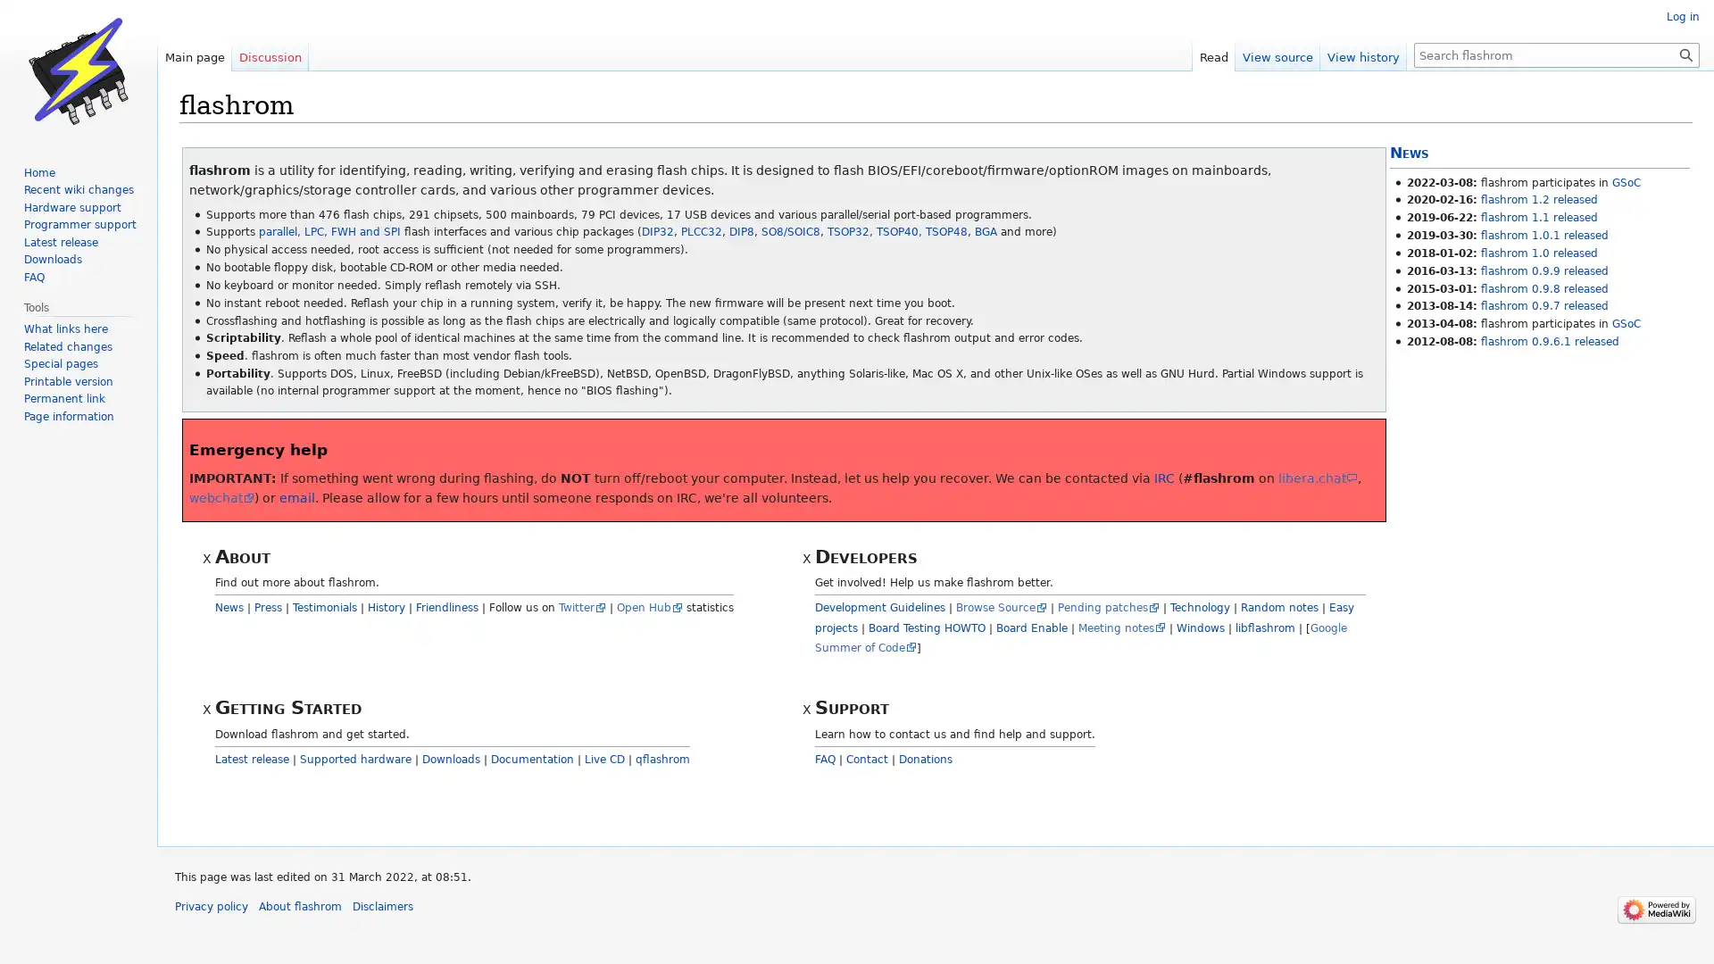  Describe the element at coordinates (1685, 54) in the screenshot. I see `Go` at that location.